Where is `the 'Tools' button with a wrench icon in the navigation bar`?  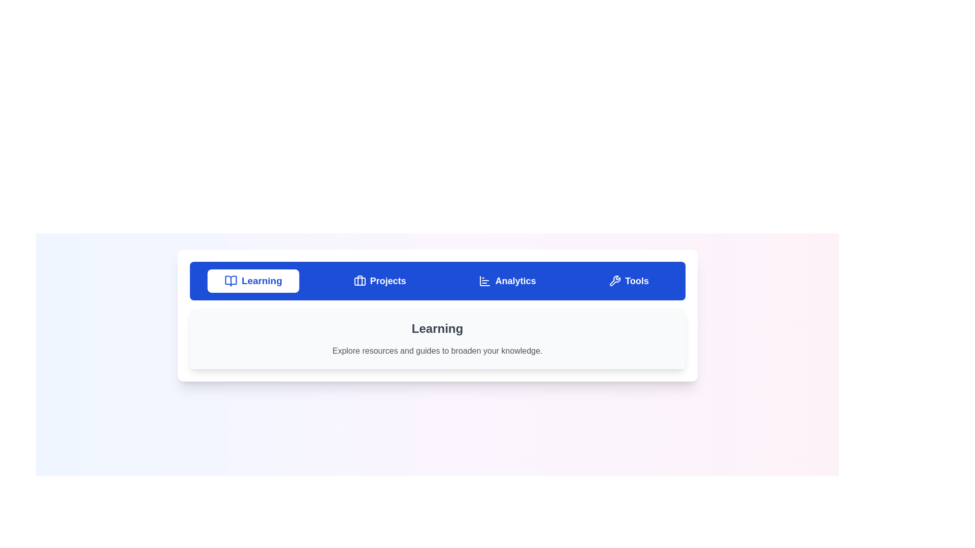 the 'Tools' button with a wrench icon in the navigation bar is located at coordinates (628, 281).